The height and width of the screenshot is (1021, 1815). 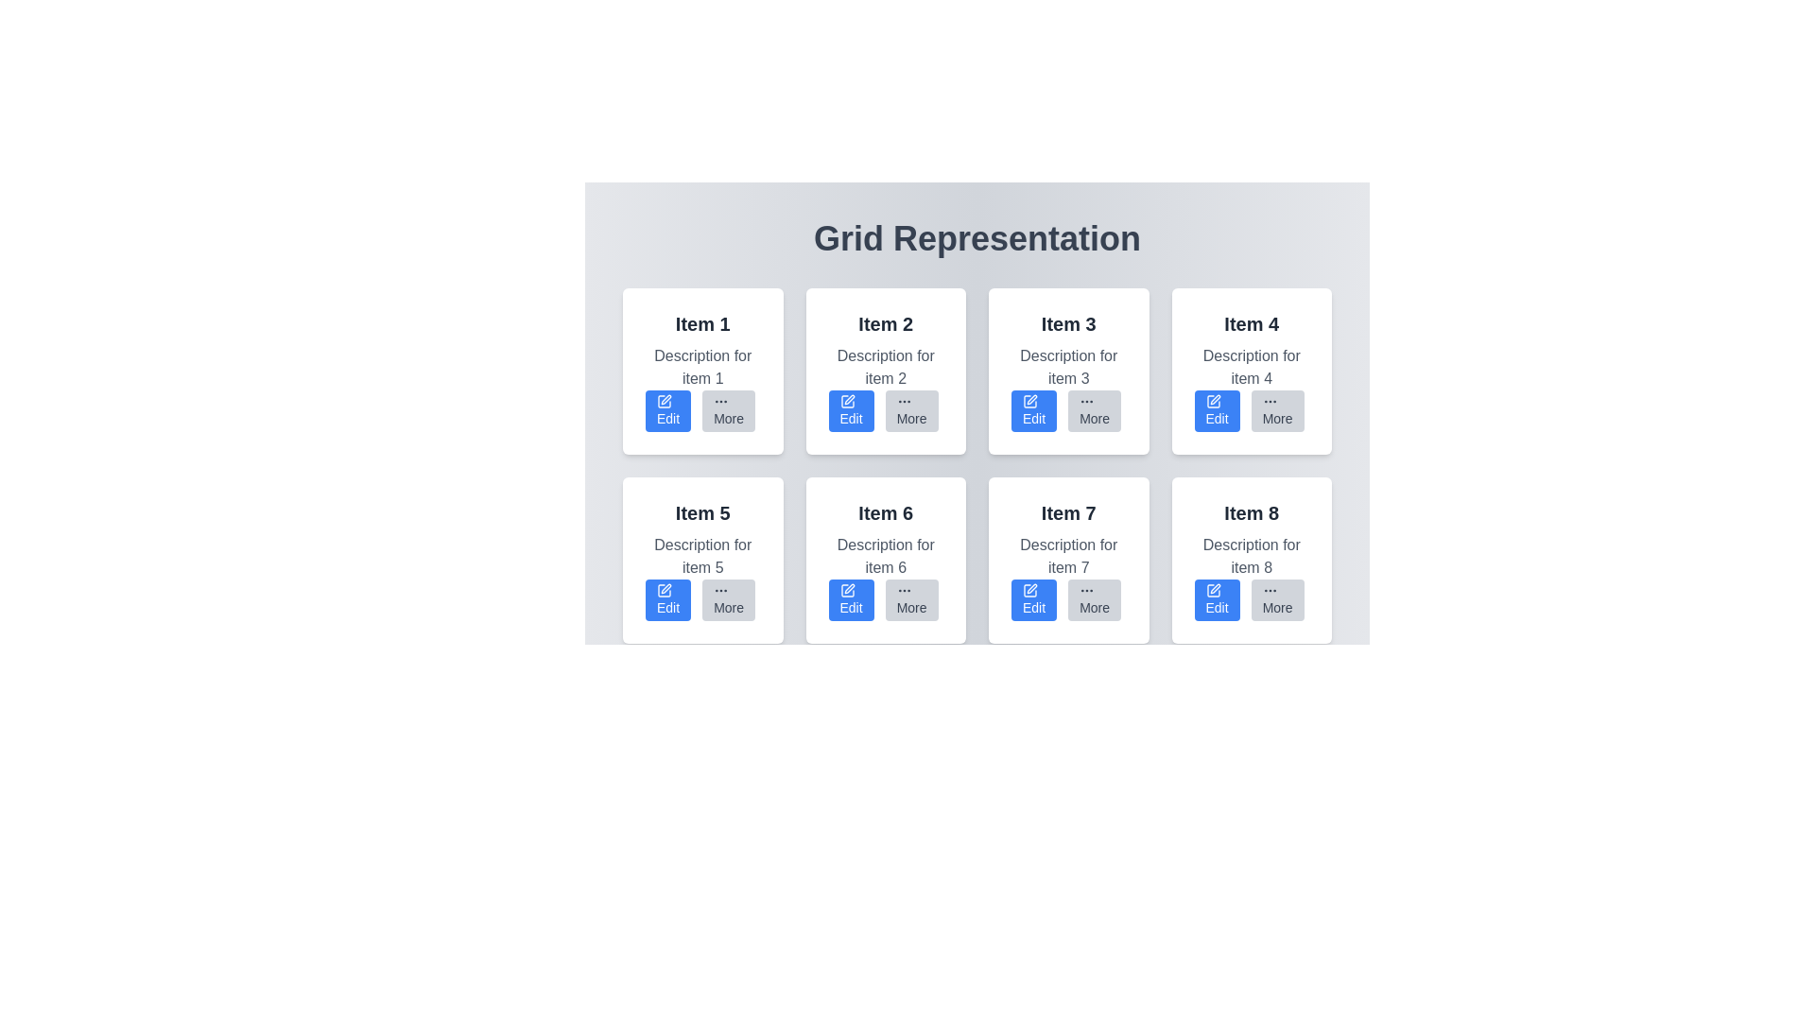 What do you see at coordinates (1213, 400) in the screenshot?
I see `the pen-shaped icon within the 'Edit' button on the card for 'Item 4' located in the top-right quadrant of the grid layout` at bounding box center [1213, 400].